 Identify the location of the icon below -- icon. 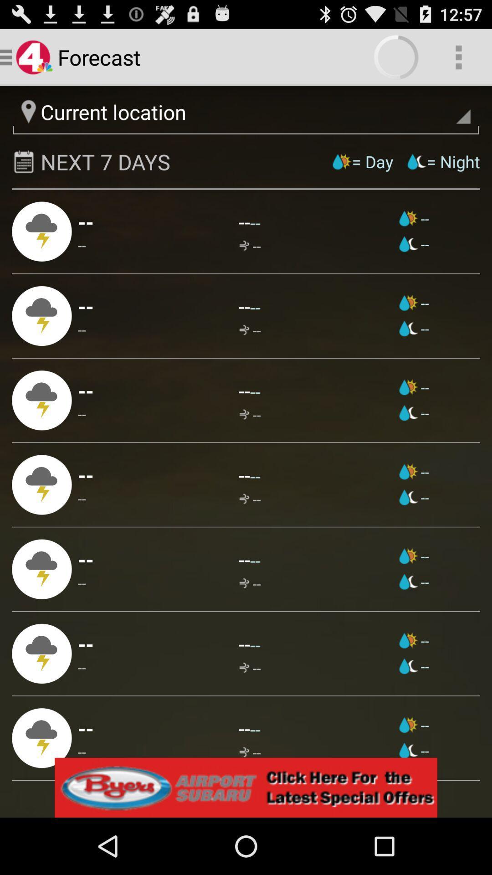
(86, 643).